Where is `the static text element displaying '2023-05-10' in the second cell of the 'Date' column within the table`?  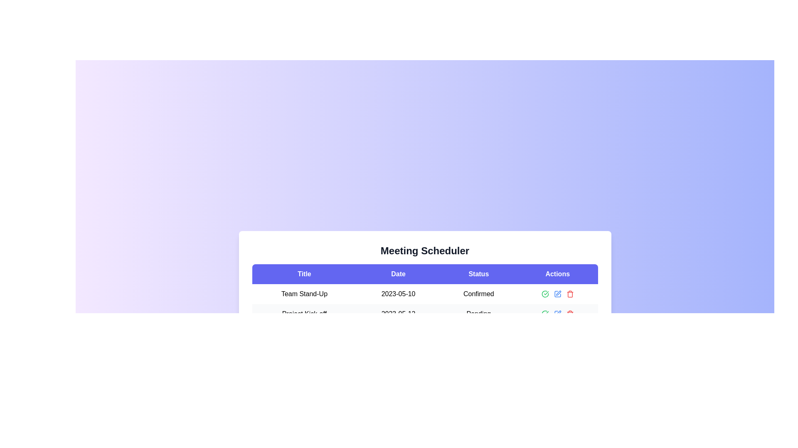 the static text element displaying '2023-05-10' in the second cell of the 'Date' column within the table is located at coordinates (398, 294).